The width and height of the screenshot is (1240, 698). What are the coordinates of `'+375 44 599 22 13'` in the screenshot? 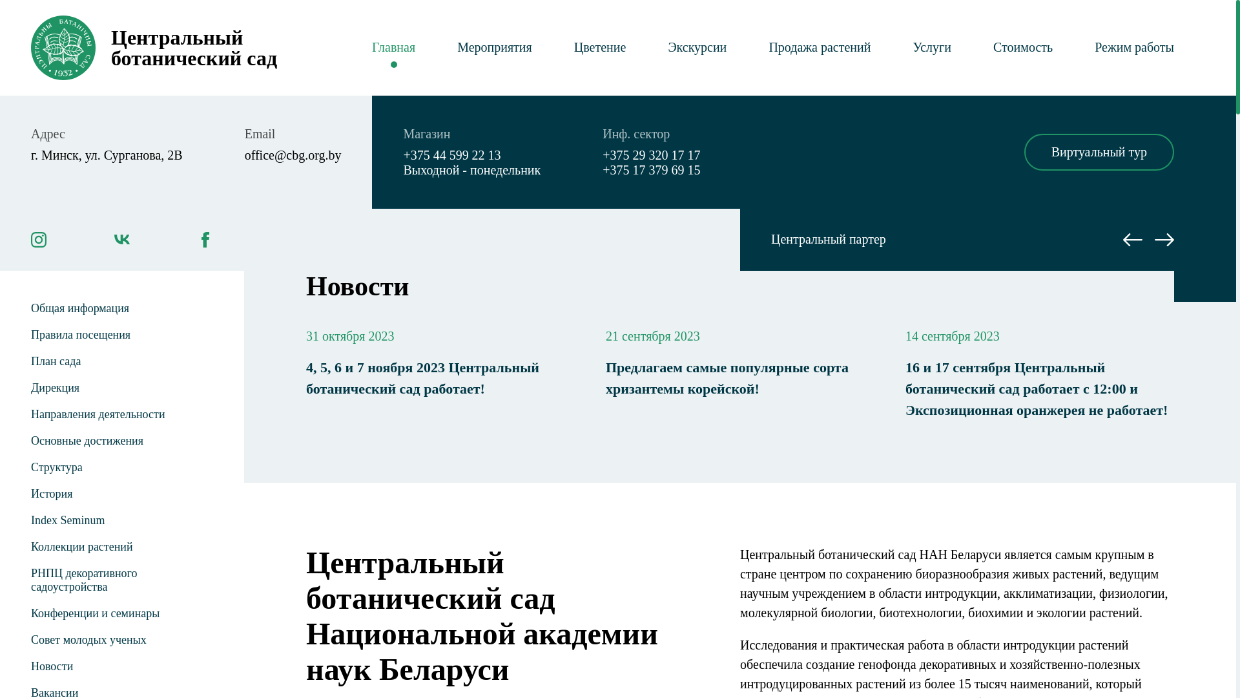 It's located at (471, 154).